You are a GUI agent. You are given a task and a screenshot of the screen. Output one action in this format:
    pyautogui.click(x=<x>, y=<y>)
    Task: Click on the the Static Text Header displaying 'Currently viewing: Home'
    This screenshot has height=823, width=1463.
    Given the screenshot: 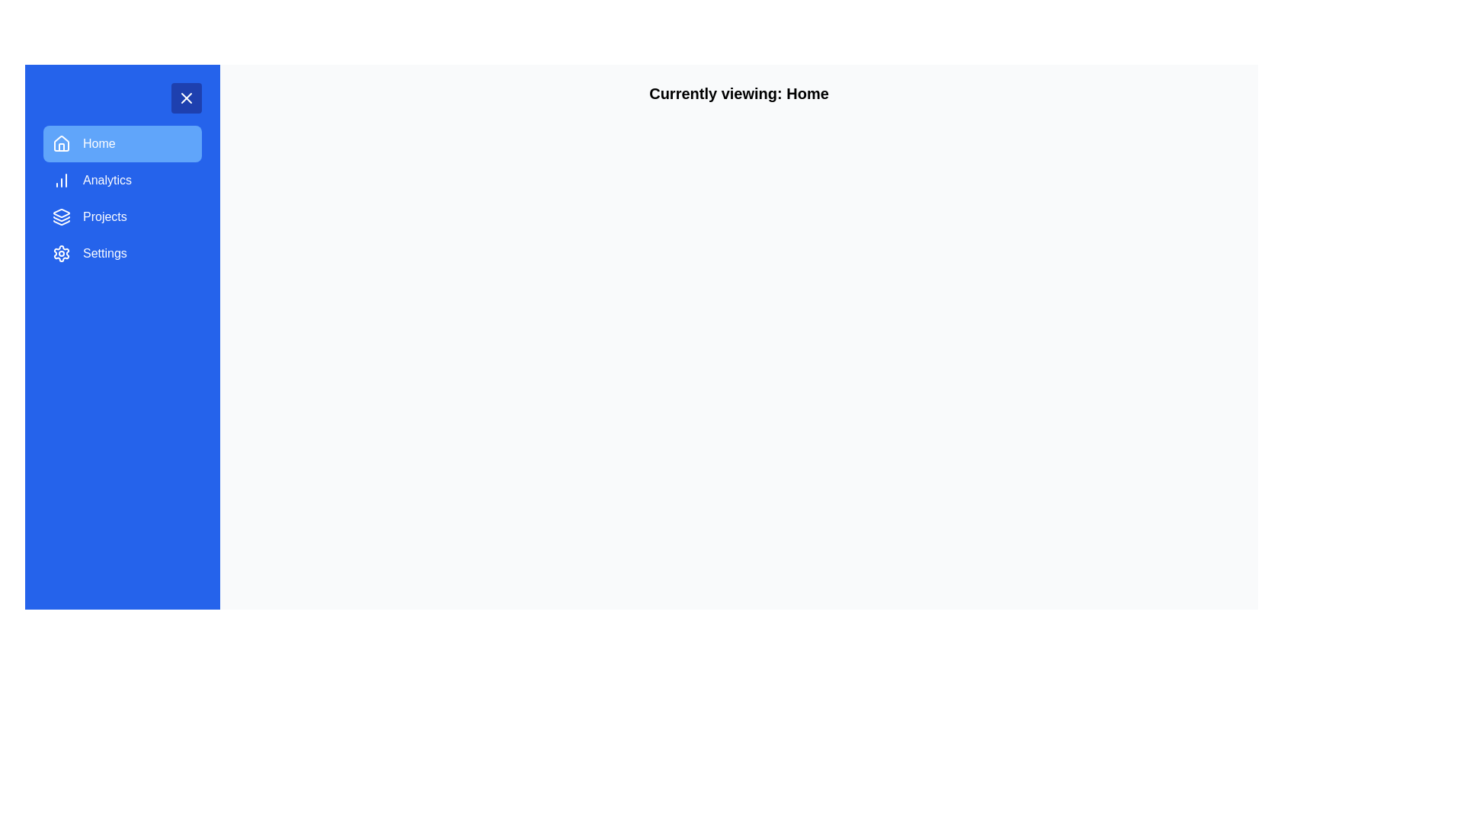 What is the action you would take?
    pyautogui.click(x=738, y=94)
    